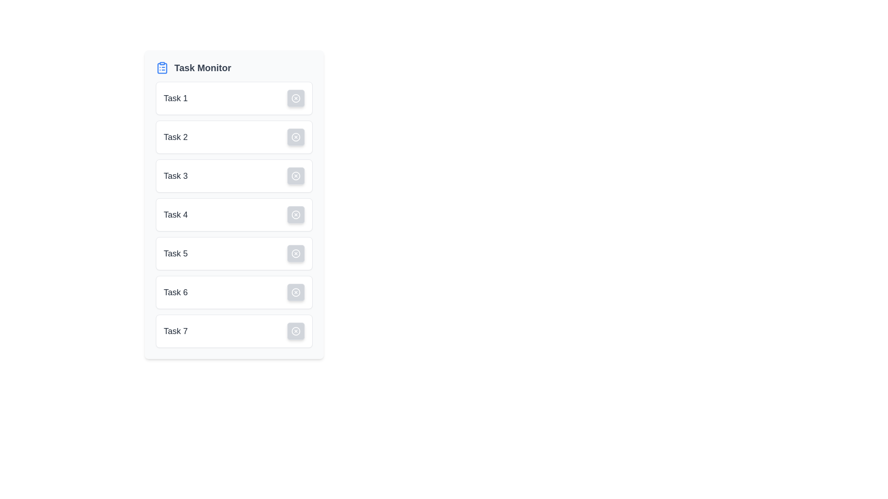 Image resolution: width=888 pixels, height=499 pixels. What do you see at coordinates (175, 176) in the screenshot?
I see `the static text label displaying the title 'Task 3' in bold, medium-sized font, styled with a dark gray color, located within the third item of a vertical list of task cards` at bounding box center [175, 176].